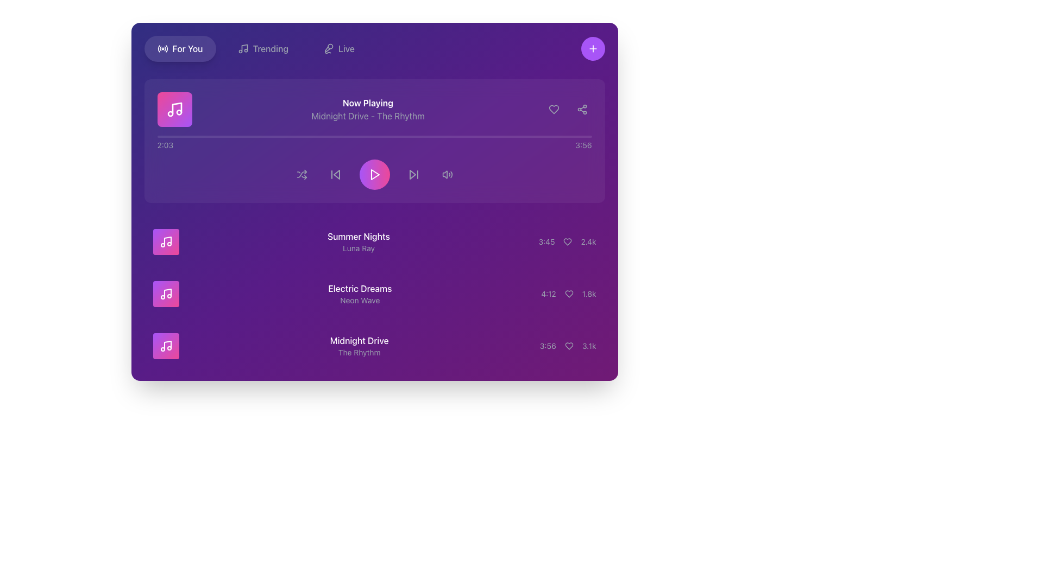 The image size is (1043, 586). What do you see at coordinates (571, 136) in the screenshot?
I see `playback position` at bounding box center [571, 136].